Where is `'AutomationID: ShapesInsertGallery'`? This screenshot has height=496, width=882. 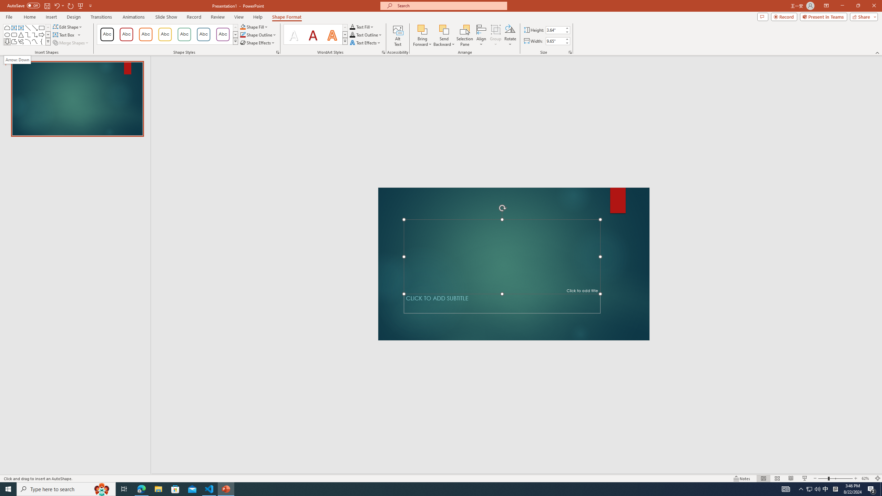
'AutomationID: ShapesInsertGallery' is located at coordinates (27, 34).